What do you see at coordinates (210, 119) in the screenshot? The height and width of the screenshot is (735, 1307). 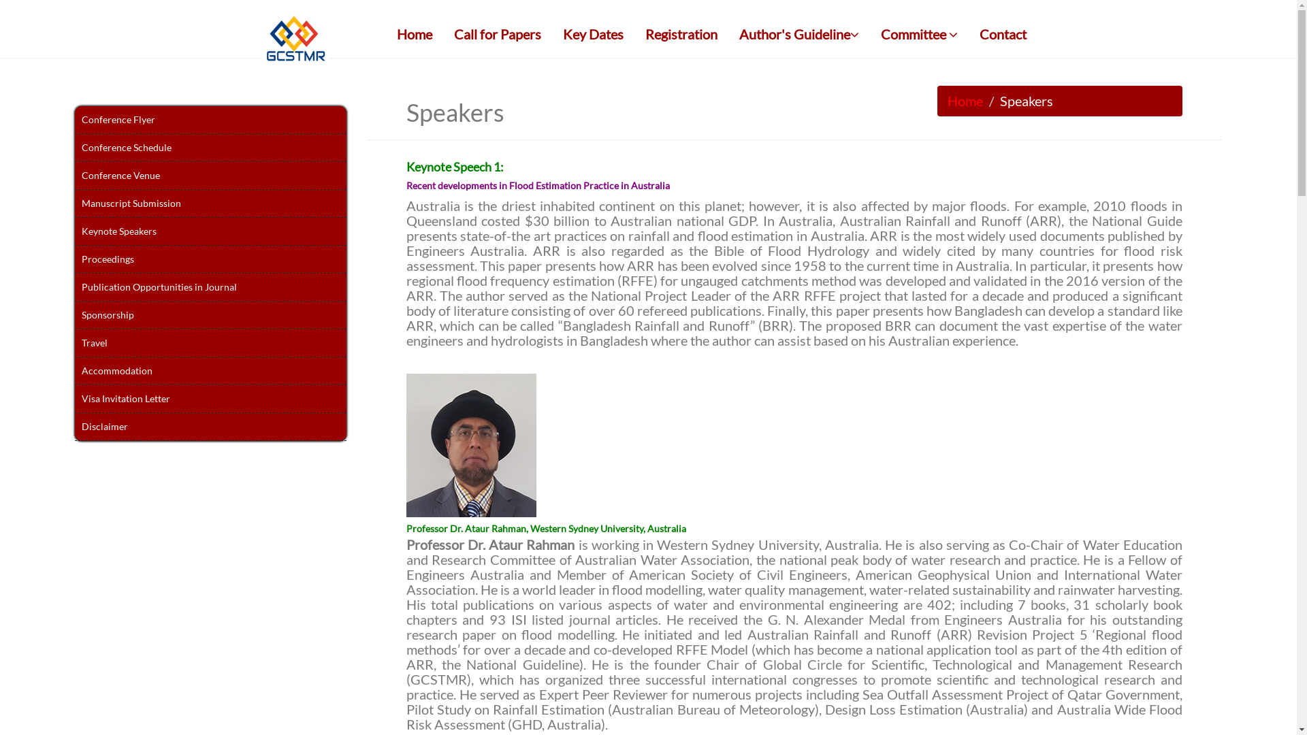 I see `'Conference Flyer'` at bounding box center [210, 119].